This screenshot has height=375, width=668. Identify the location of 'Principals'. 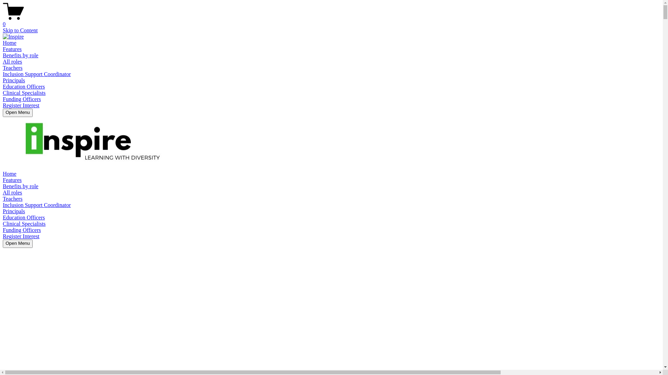
(14, 211).